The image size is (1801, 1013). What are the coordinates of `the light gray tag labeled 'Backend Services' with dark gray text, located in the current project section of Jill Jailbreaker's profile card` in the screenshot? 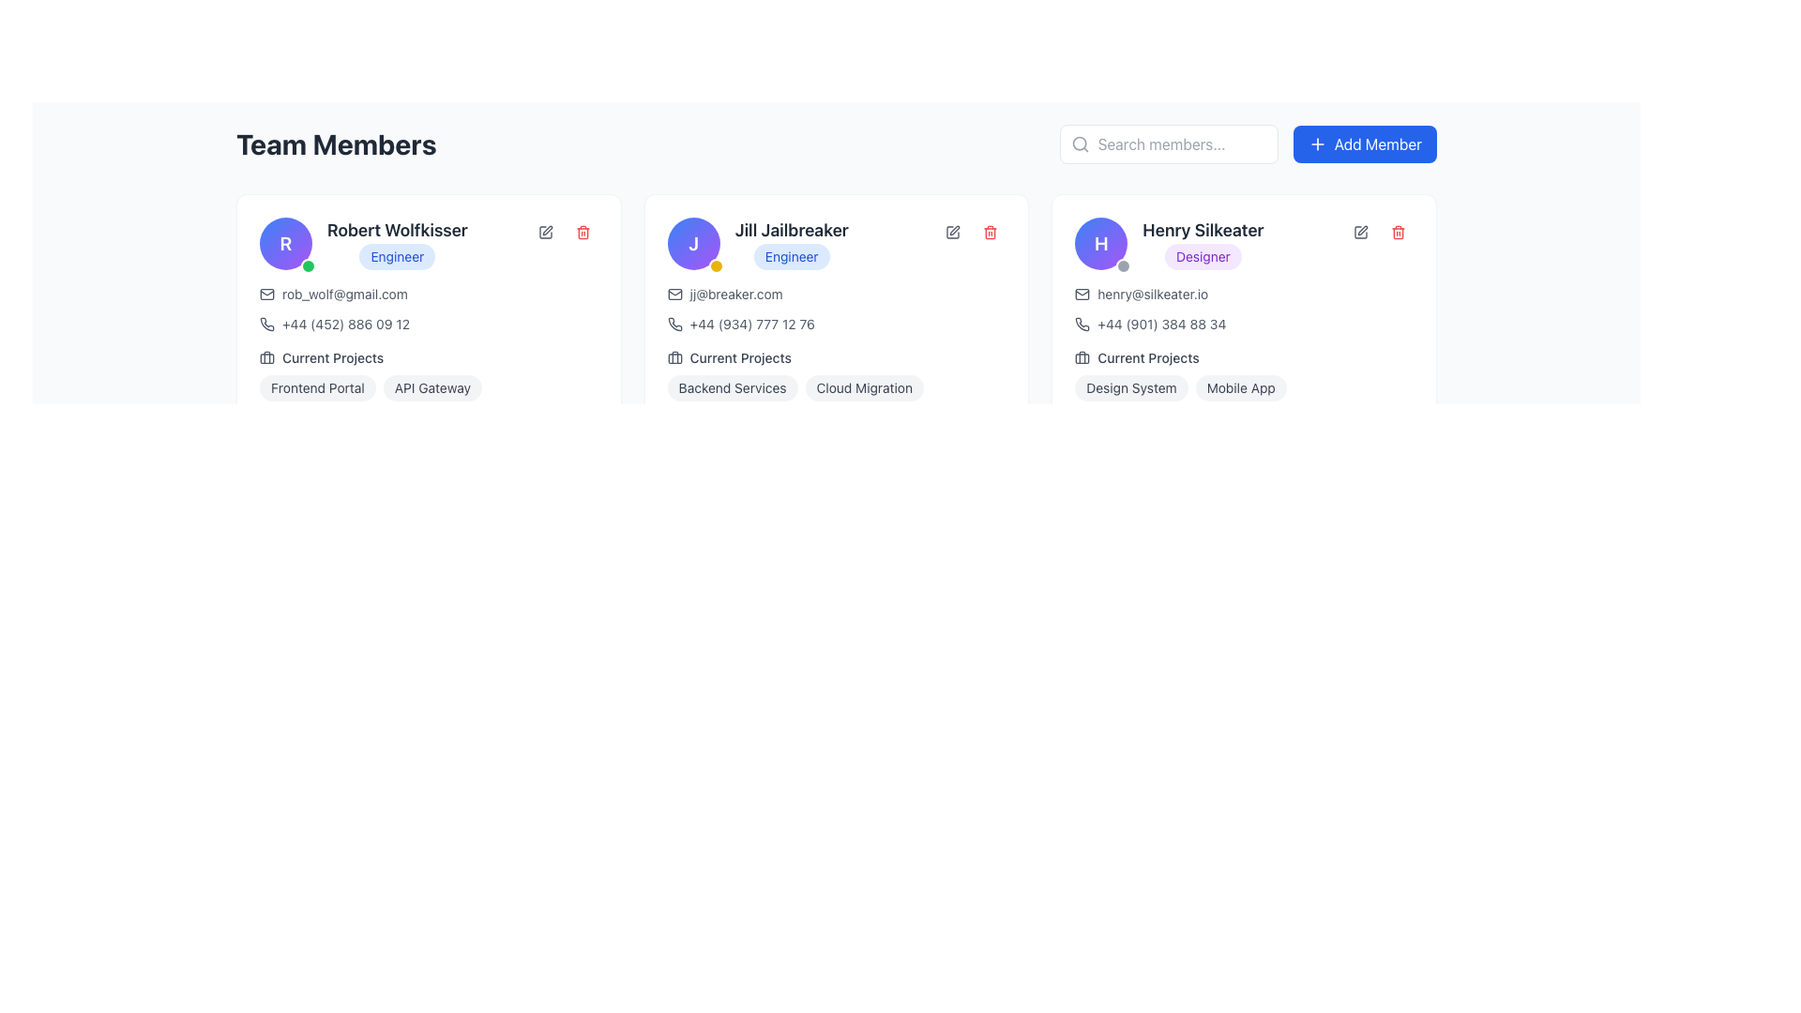 It's located at (732, 386).